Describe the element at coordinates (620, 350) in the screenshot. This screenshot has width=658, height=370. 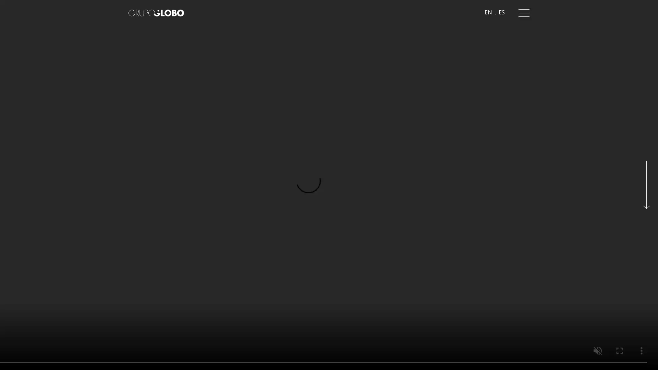
I see `enter full screen` at that location.